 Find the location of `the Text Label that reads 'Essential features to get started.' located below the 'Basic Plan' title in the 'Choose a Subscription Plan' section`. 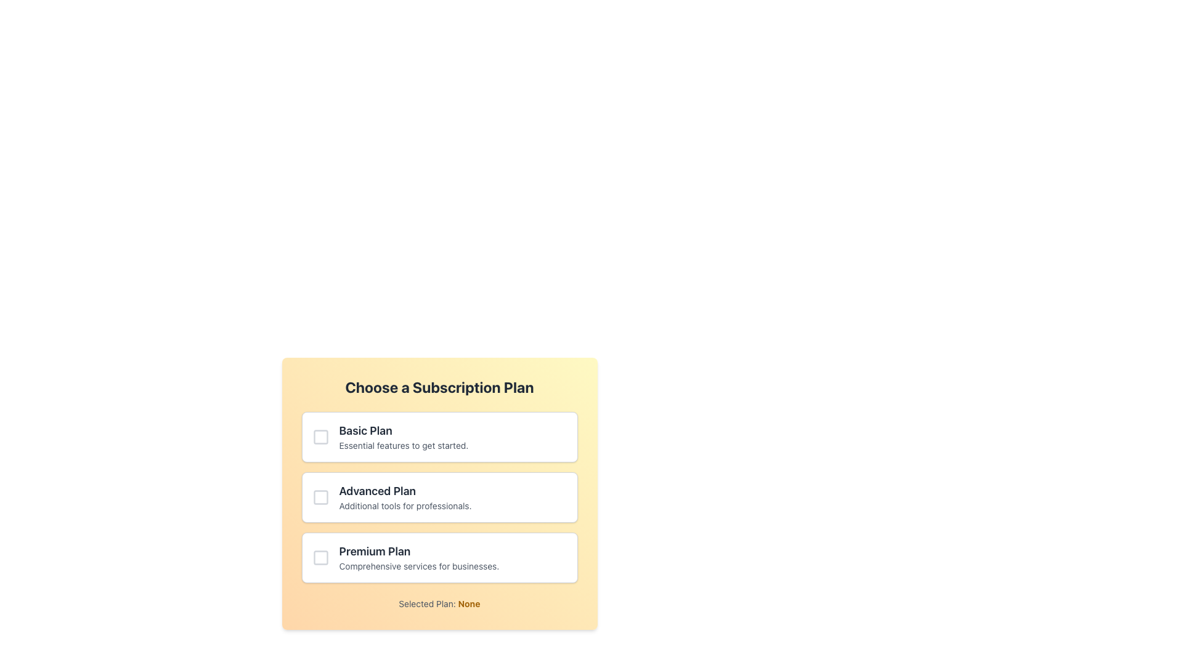

the Text Label that reads 'Essential features to get started.' located below the 'Basic Plan' title in the 'Choose a Subscription Plan' section is located at coordinates (452, 446).